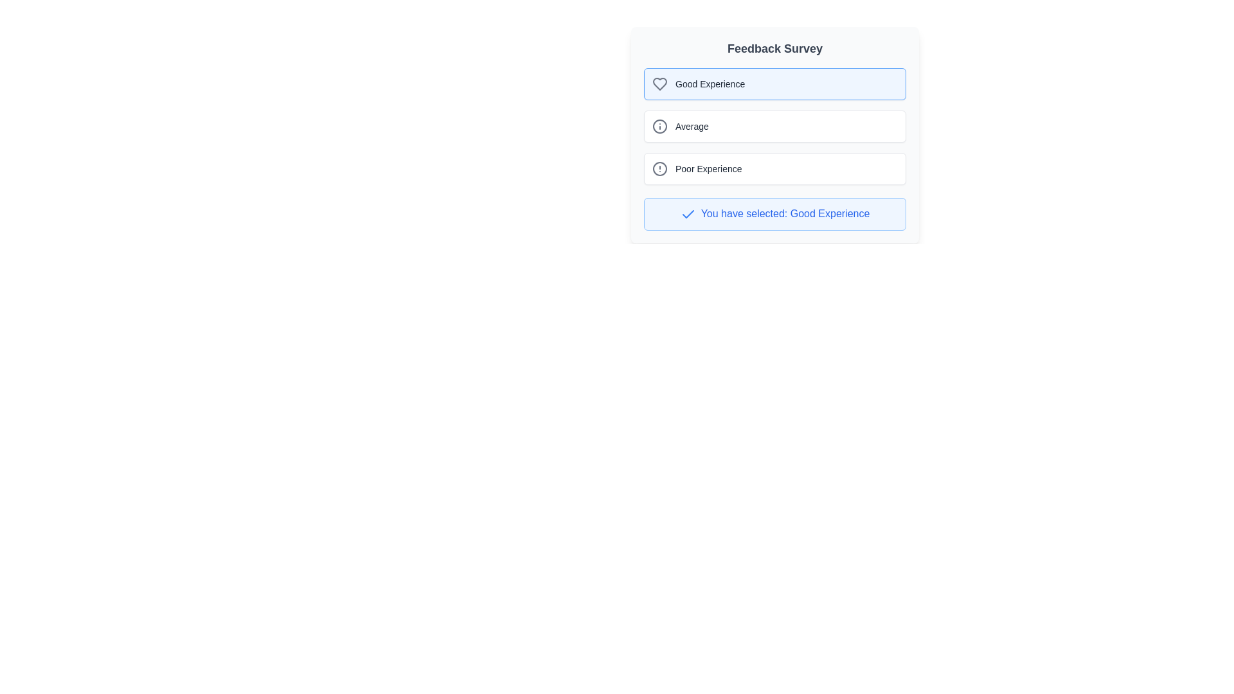  I want to click on the static text label displaying 'Average' that is part of the feedback form, positioned to the right of the circular icon with an 'i' symbol, so click(691, 126).